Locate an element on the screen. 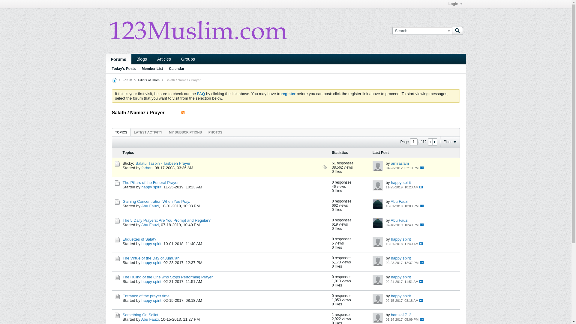 The width and height of the screenshot is (576, 324). 'Something On Sallat.' is located at coordinates (140, 314).